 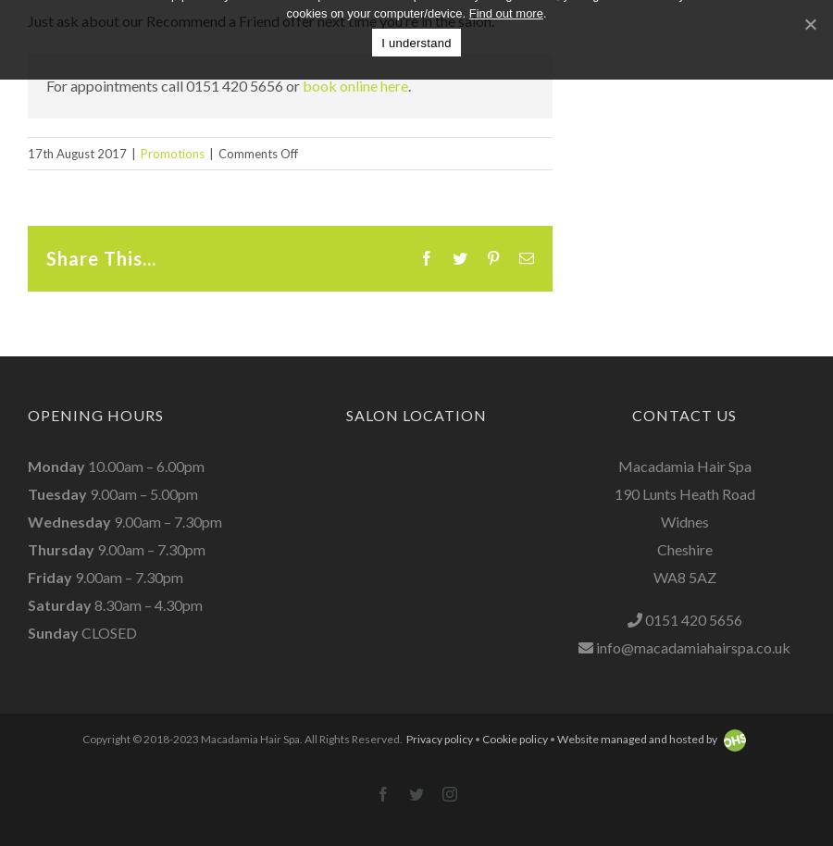 What do you see at coordinates (174, 83) in the screenshot?
I see `'For appointments call 0151 420 5656 or'` at bounding box center [174, 83].